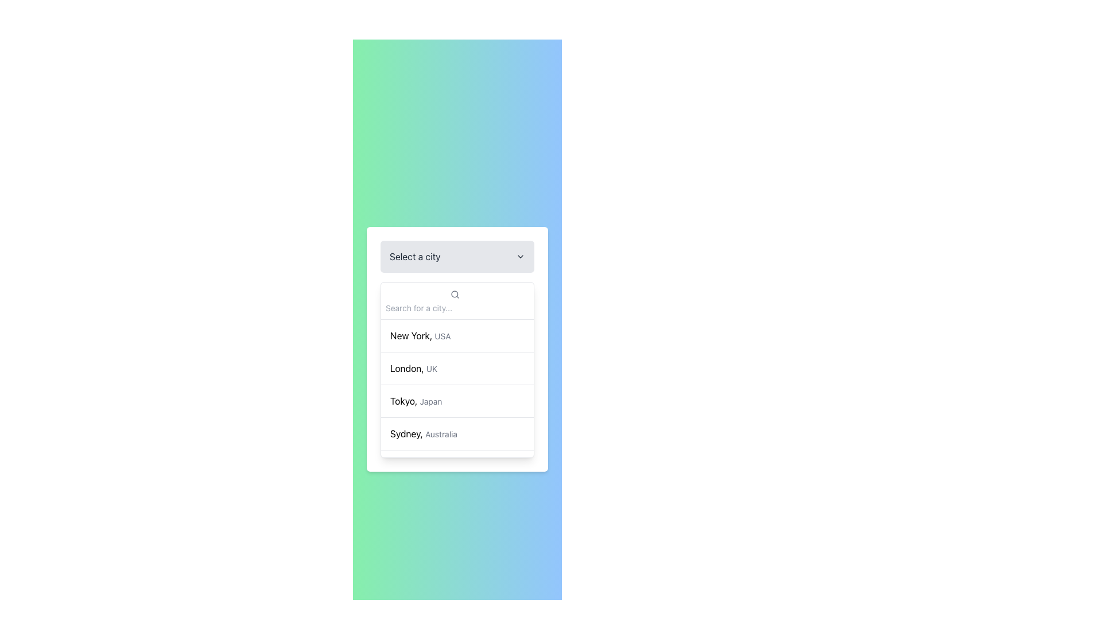 The width and height of the screenshot is (1102, 619). Describe the element at coordinates (456, 256) in the screenshot. I see `the dropdown selector labeled 'Select a city' with a gray background` at that location.